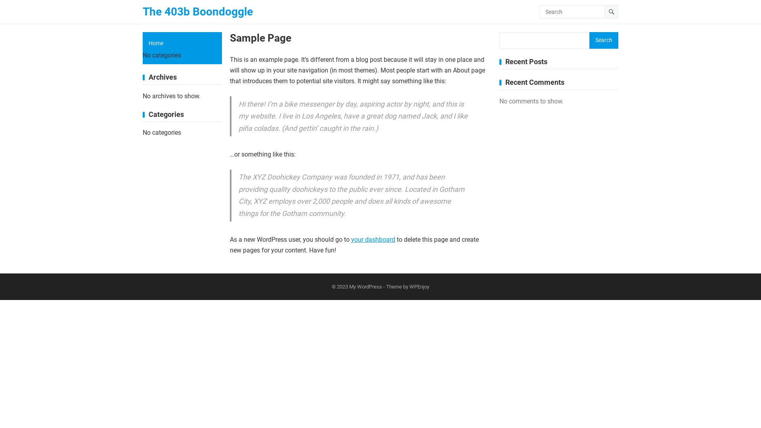 This screenshot has width=761, height=428. I want to click on 'The 403b Boondoggle', so click(143, 12).